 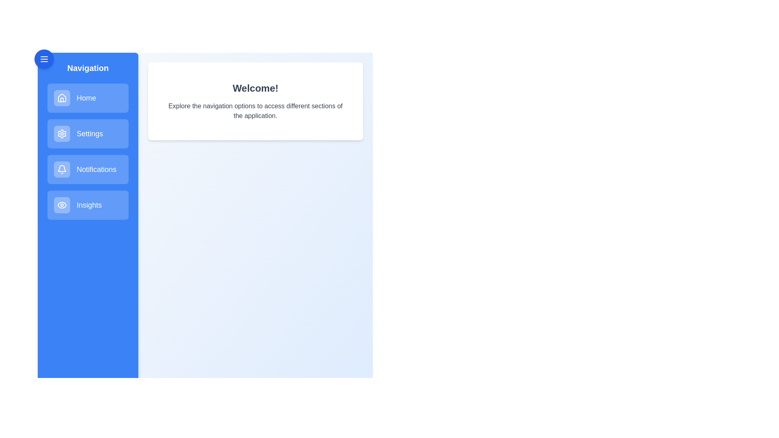 What do you see at coordinates (88, 133) in the screenshot?
I see `the menu item corresponding to Settings` at bounding box center [88, 133].